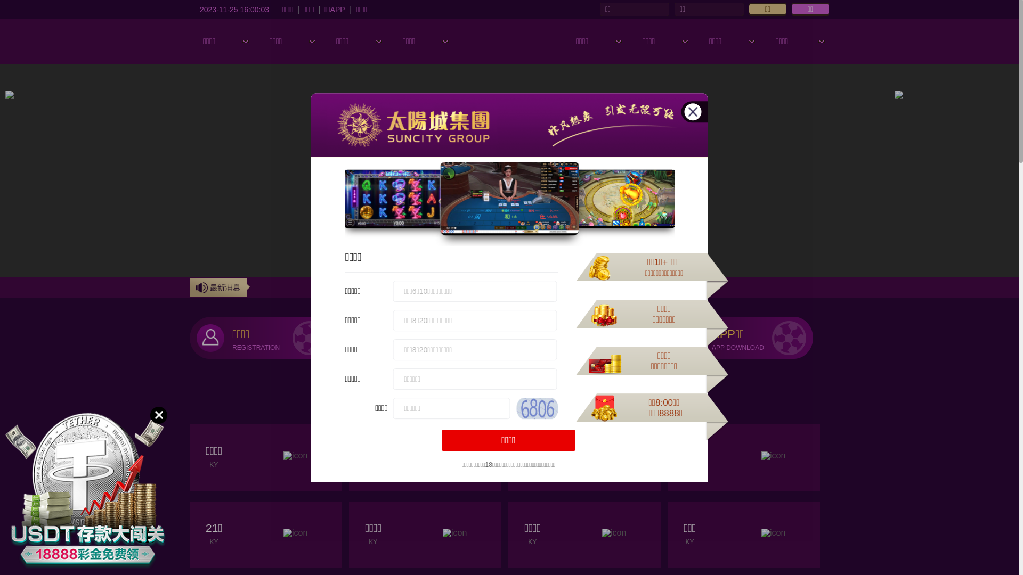 The width and height of the screenshot is (1023, 575). I want to click on '2023-11-25 16:00:02', so click(234, 9).